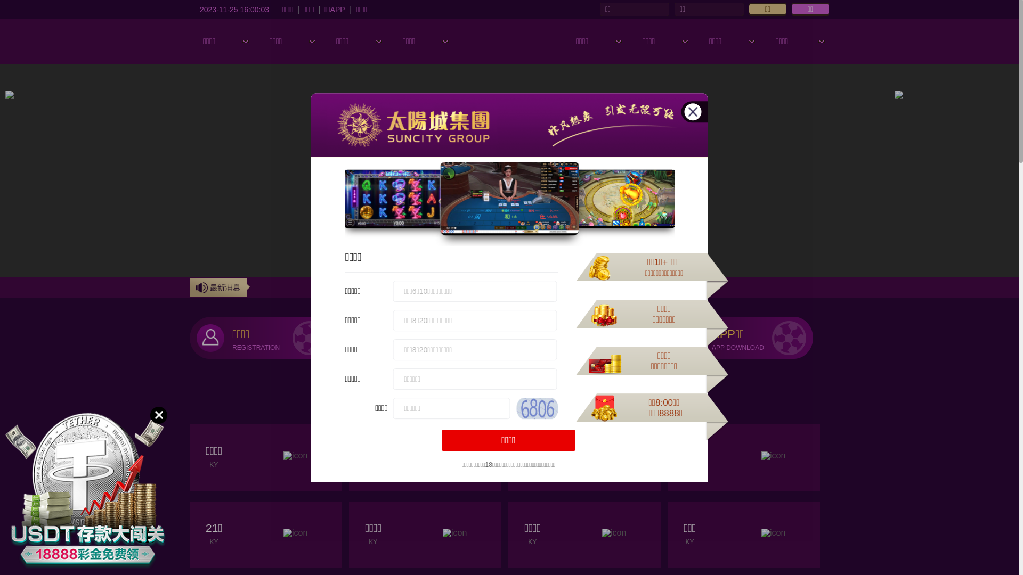 The width and height of the screenshot is (1023, 575). I want to click on '2023-11-25 16:00:02', so click(234, 9).